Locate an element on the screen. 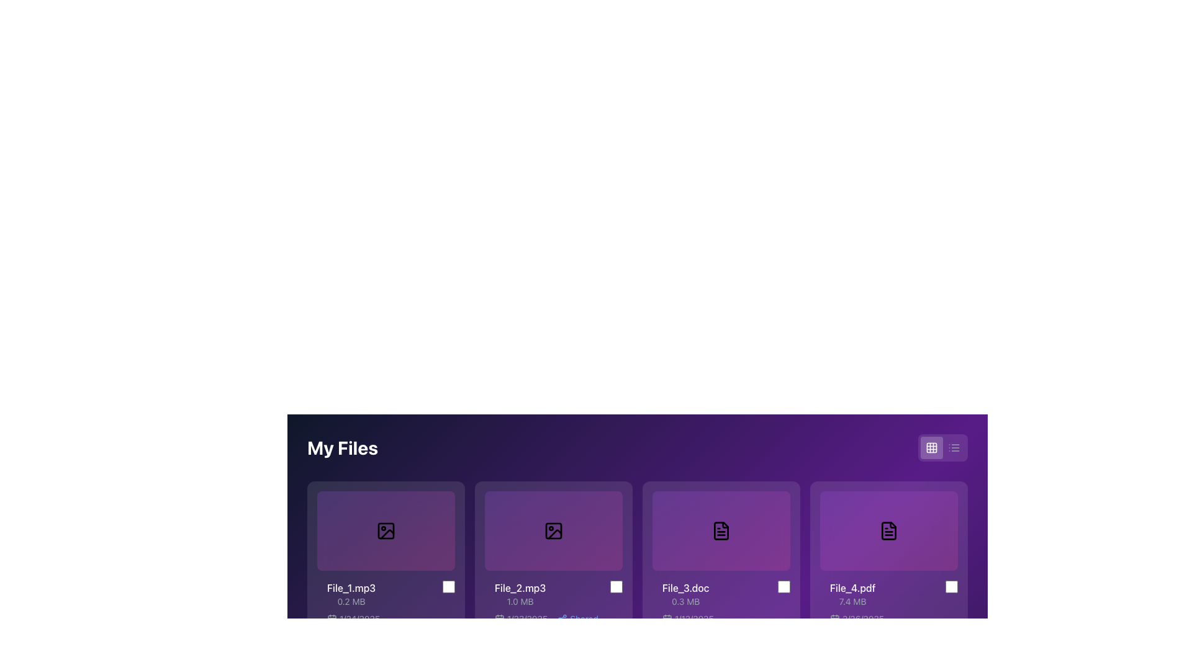 Image resolution: width=1192 pixels, height=670 pixels. the File preview placeholder, which is a rounded rectangular box with a gradient background and a picture frame icon is located at coordinates (553, 530).